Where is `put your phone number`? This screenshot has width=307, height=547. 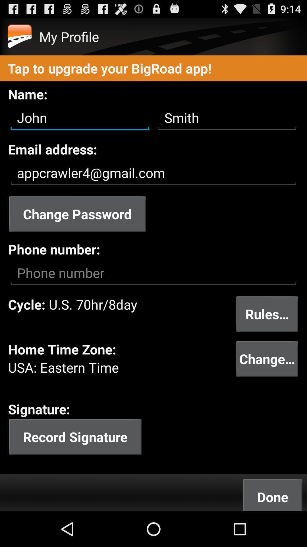
put your phone number is located at coordinates (153, 273).